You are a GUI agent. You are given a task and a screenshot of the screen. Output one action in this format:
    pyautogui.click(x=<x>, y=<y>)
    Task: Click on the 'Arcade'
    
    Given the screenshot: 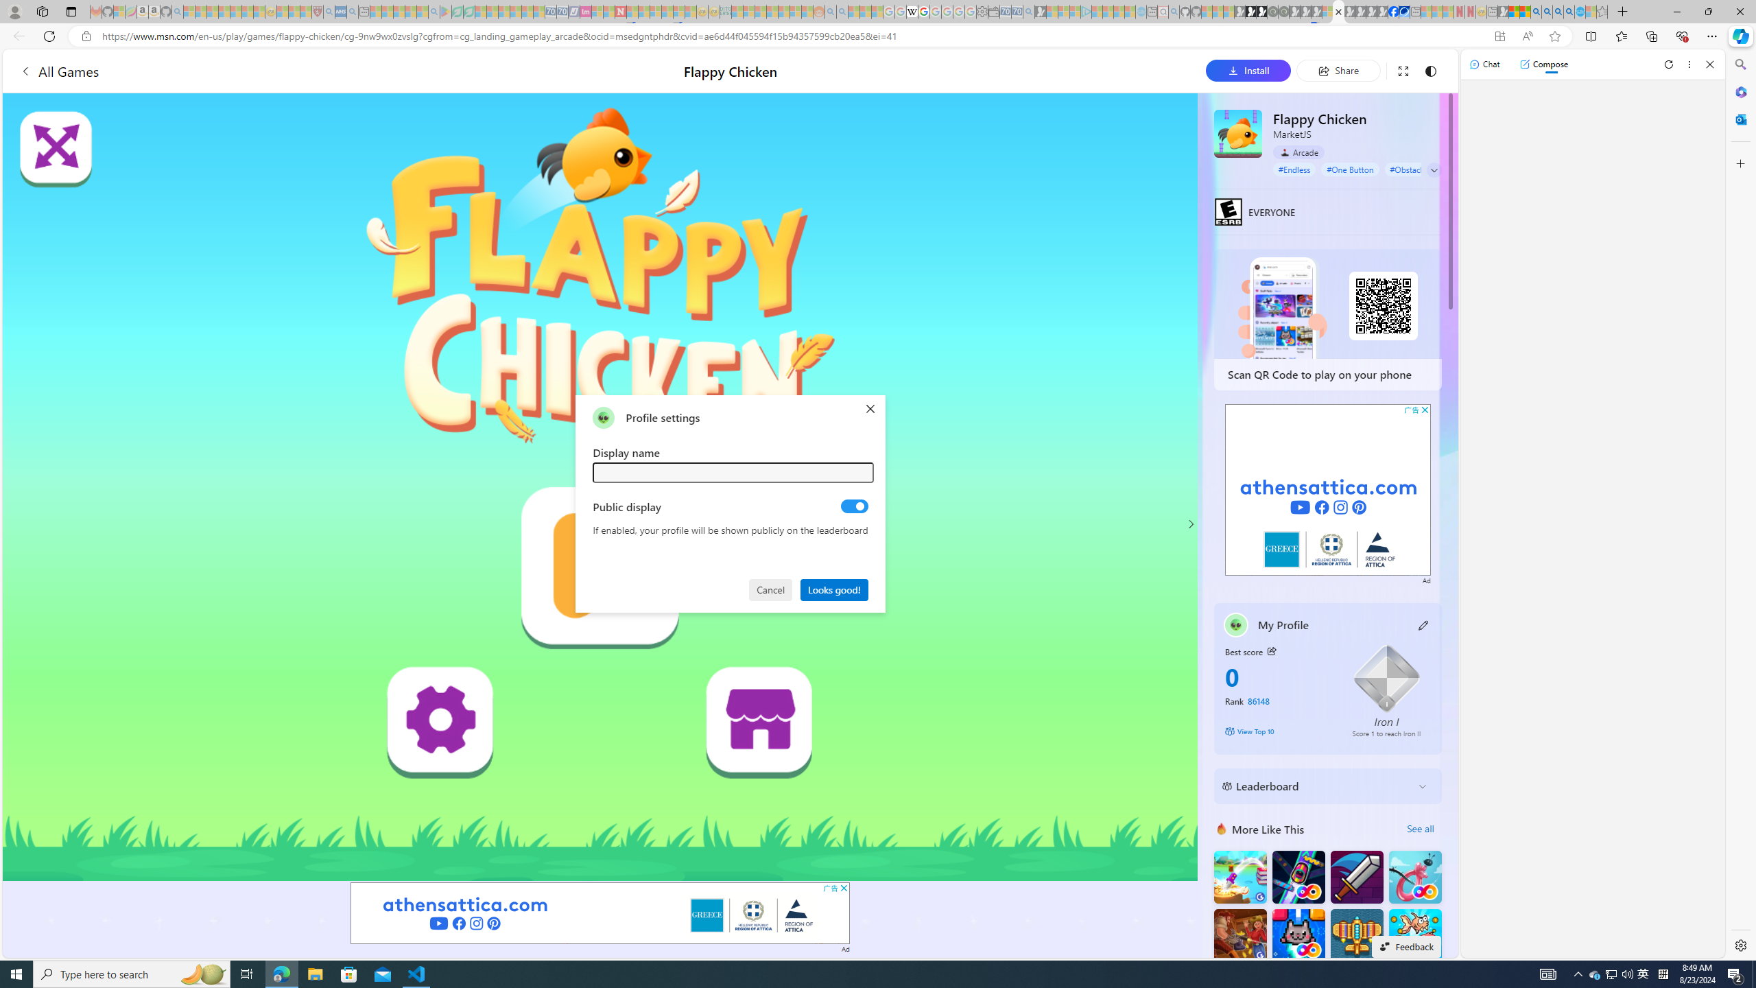 What is the action you would take?
    pyautogui.click(x=1298, y=152)
    